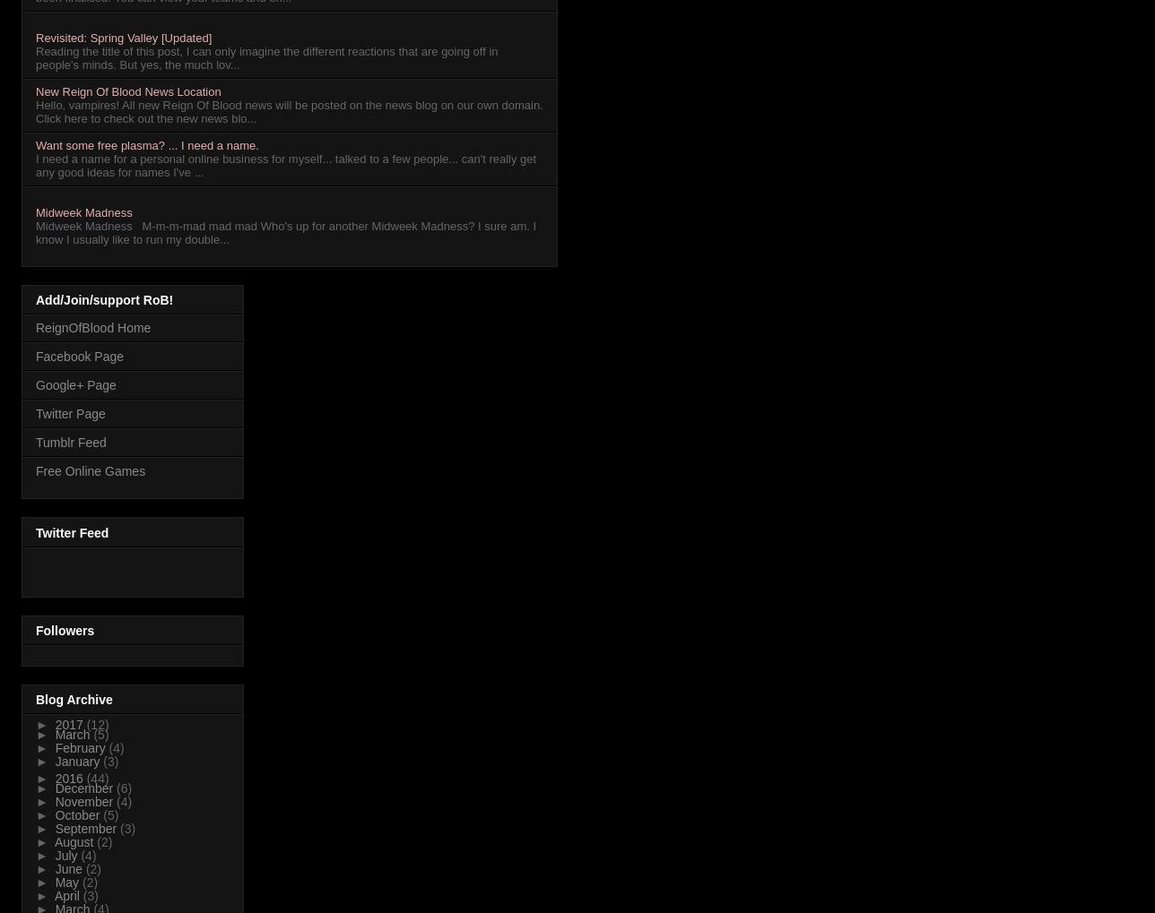  What do you see at coordinates (124, 788) in the screenshot?
I see `'(6)'` at bounding box center [124, 788].